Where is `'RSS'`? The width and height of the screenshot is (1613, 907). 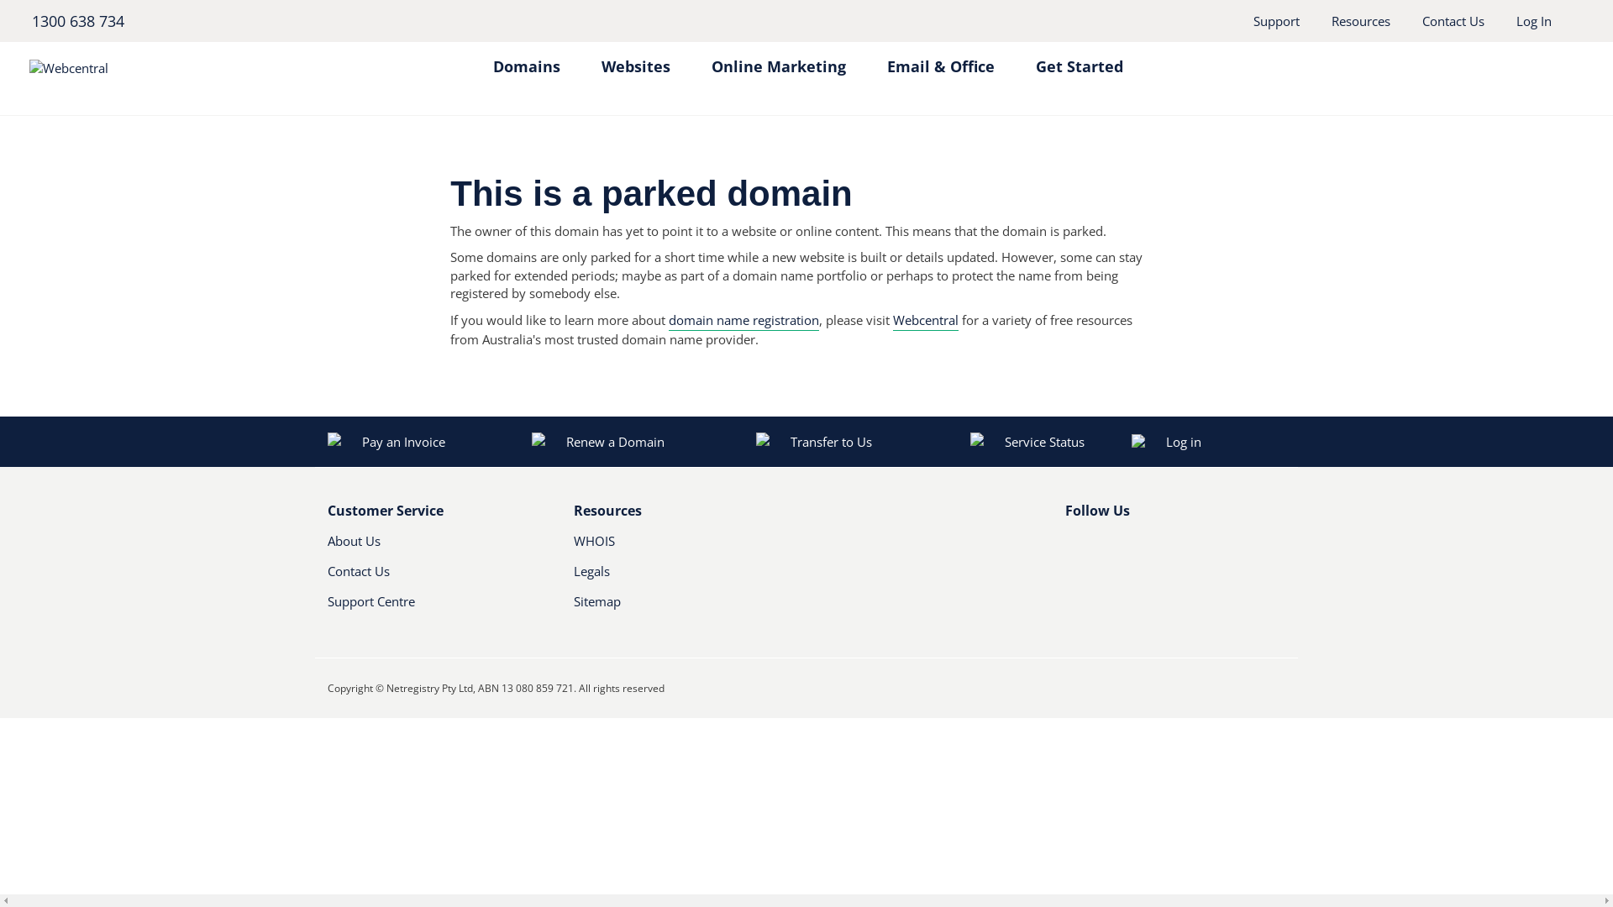
'RSS' is located at coordinates (1157, 548).